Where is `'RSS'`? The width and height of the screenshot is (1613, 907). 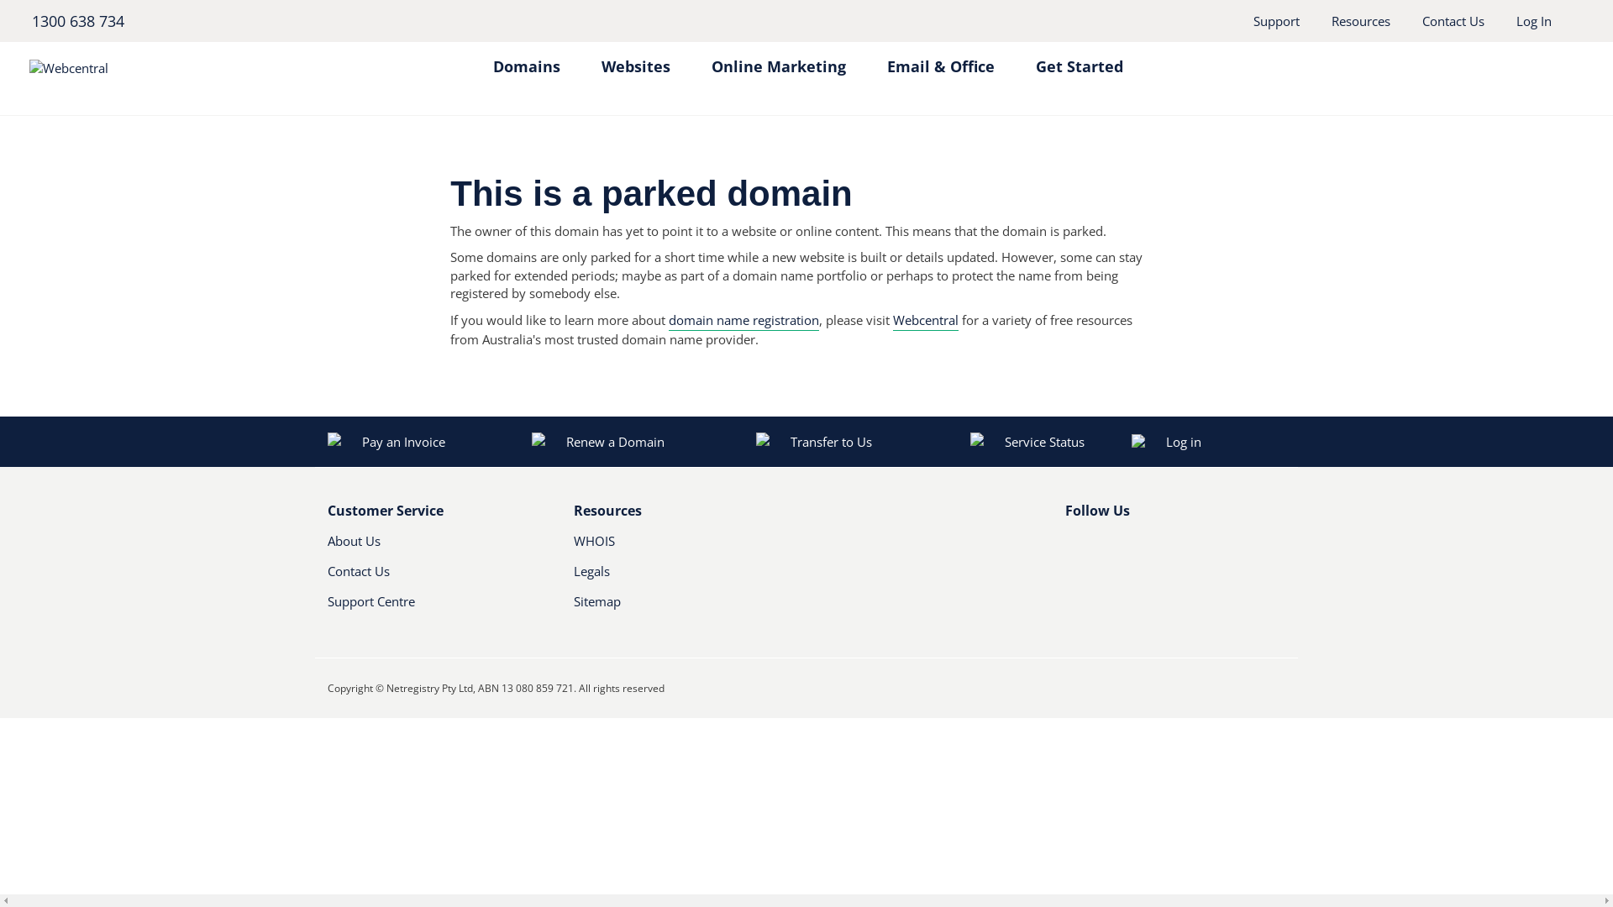
'RSS' is located at coordinates (1157, 548).